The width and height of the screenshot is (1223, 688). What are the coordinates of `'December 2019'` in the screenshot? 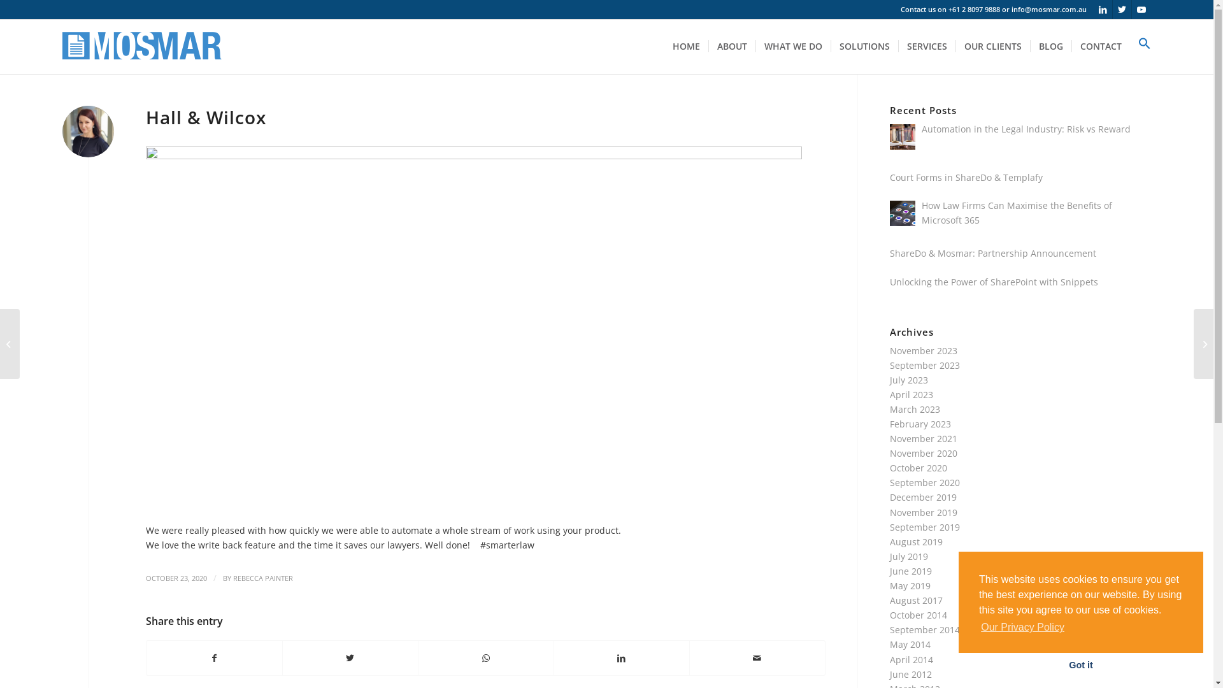 It's located at (923, 496).